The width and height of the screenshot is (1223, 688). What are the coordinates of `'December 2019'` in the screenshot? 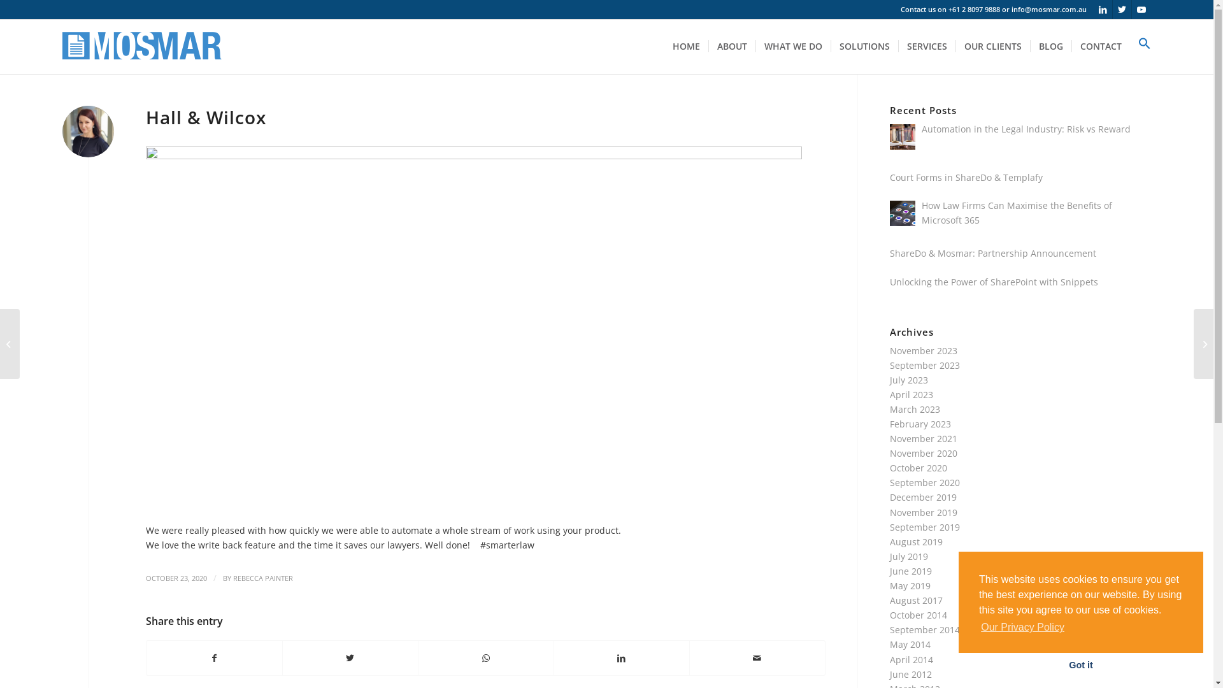 It's located at (923, 496).